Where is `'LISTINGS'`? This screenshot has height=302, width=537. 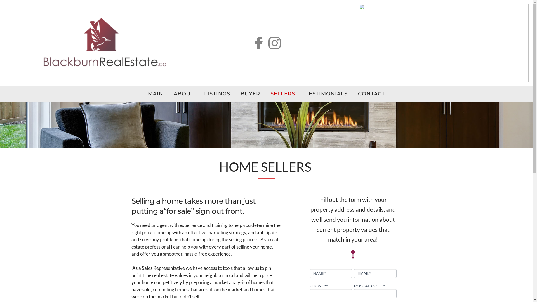 'LISTINGS' is located at coordinates (216, 93).